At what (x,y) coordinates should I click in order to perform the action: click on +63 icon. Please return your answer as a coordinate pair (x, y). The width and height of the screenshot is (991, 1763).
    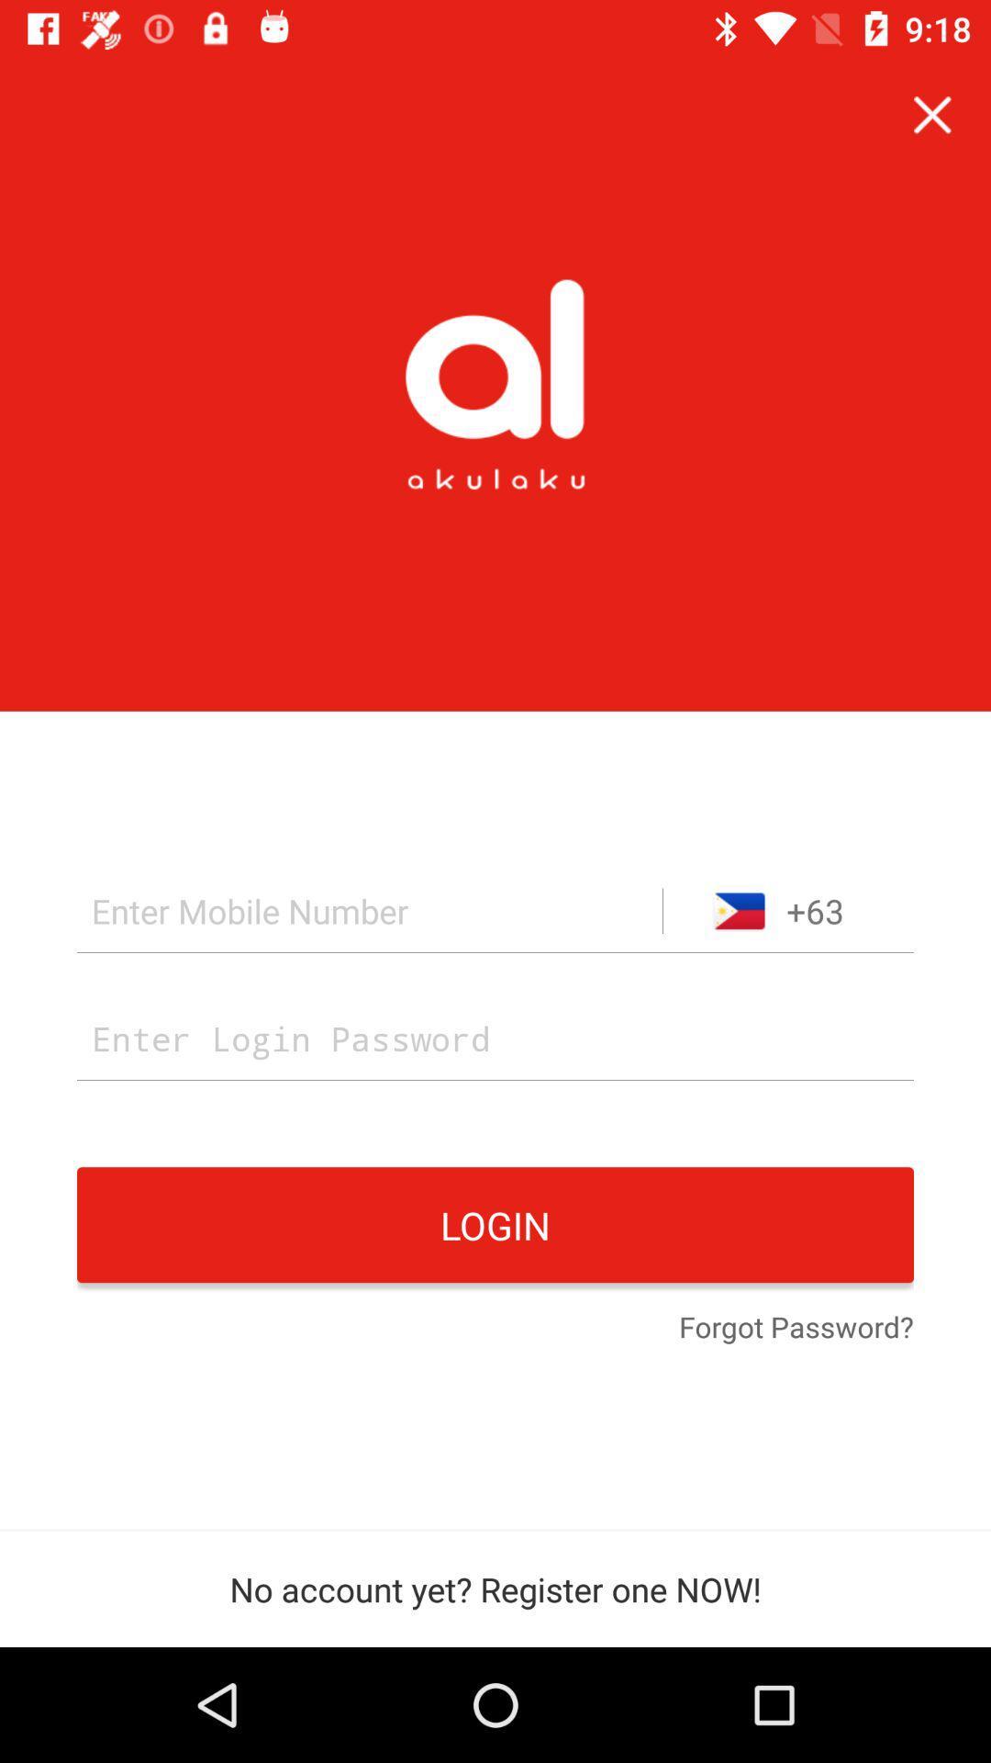
    Looking at the image, I should click on (787, 911).